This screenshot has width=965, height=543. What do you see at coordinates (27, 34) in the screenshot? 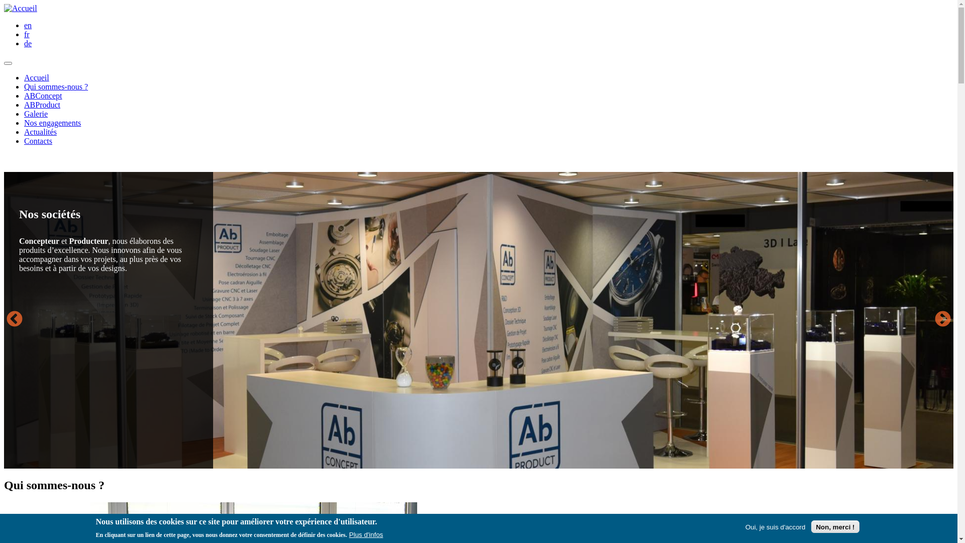
I see `'fr'` at bounding box center [27, 34].